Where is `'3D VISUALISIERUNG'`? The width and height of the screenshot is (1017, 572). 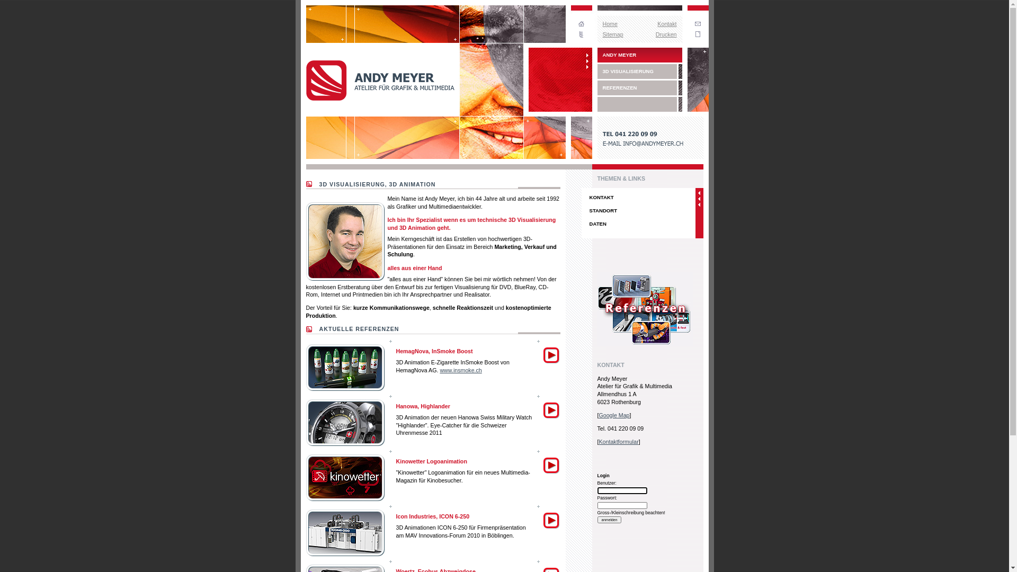 '3D VISUALISIERUNG' is located at coordinates (597, 71).